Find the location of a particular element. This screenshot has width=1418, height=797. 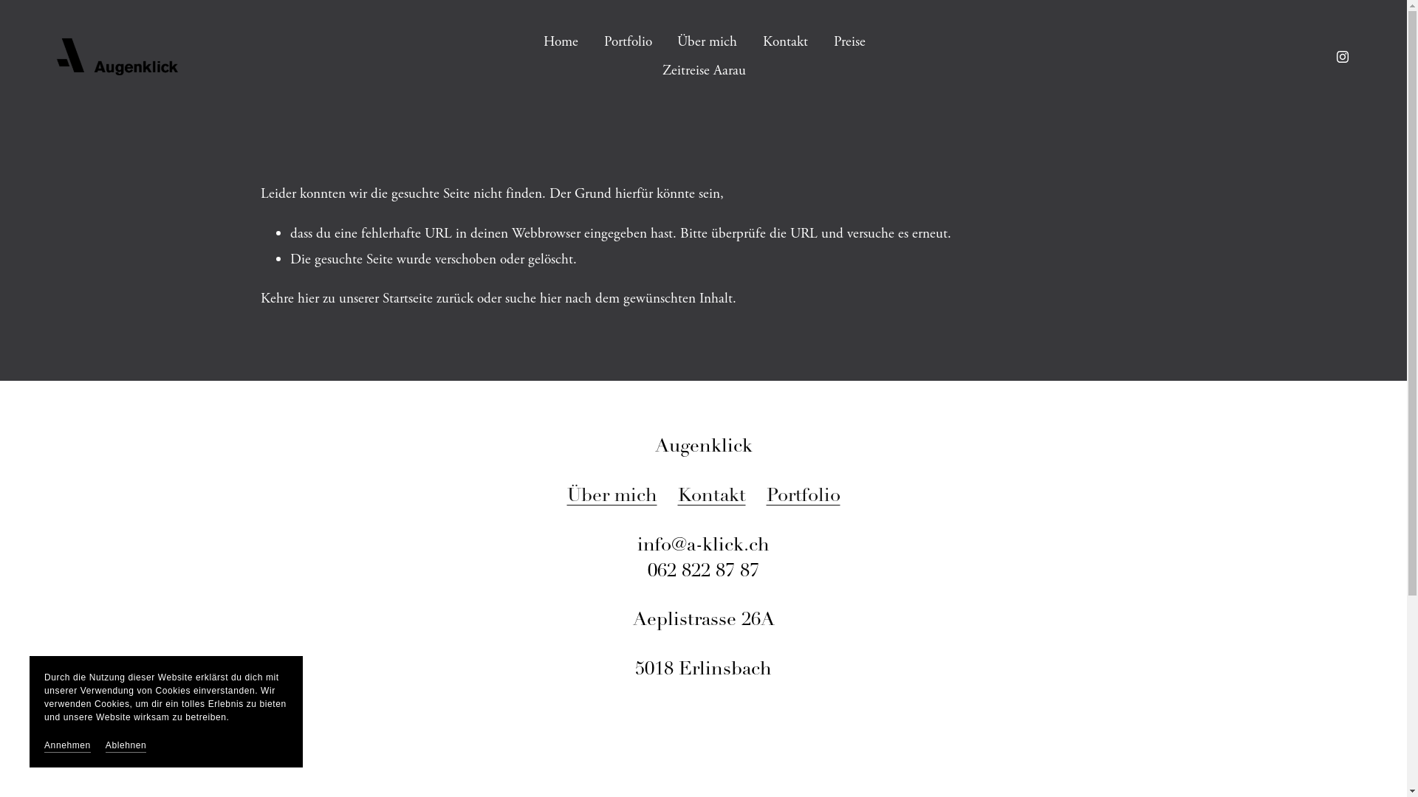

'Preise' is located at coordinates (849, 41).